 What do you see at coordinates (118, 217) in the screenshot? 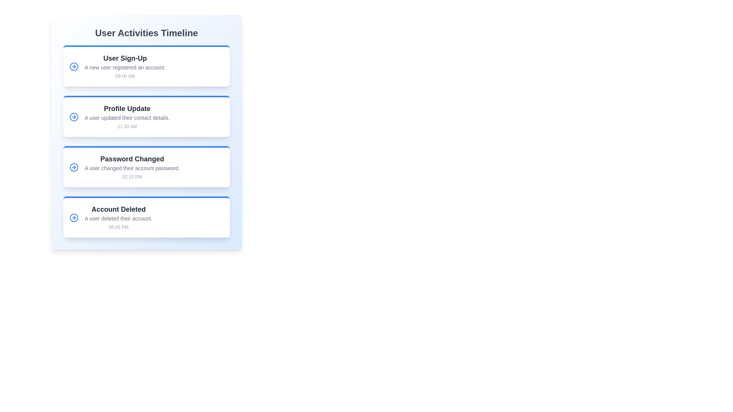
I see `information from the multi-line text block displaying 'Account Deleted', which includes the detailed description and the timestamp, located in the bottommost card of the vertical timeline` at bounding box center [118, 217].